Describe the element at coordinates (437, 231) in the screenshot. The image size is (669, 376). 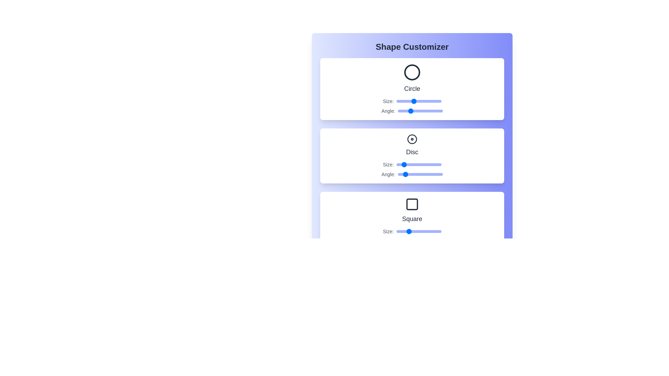
I see `the size slider of the Square shape to 93` at that location.